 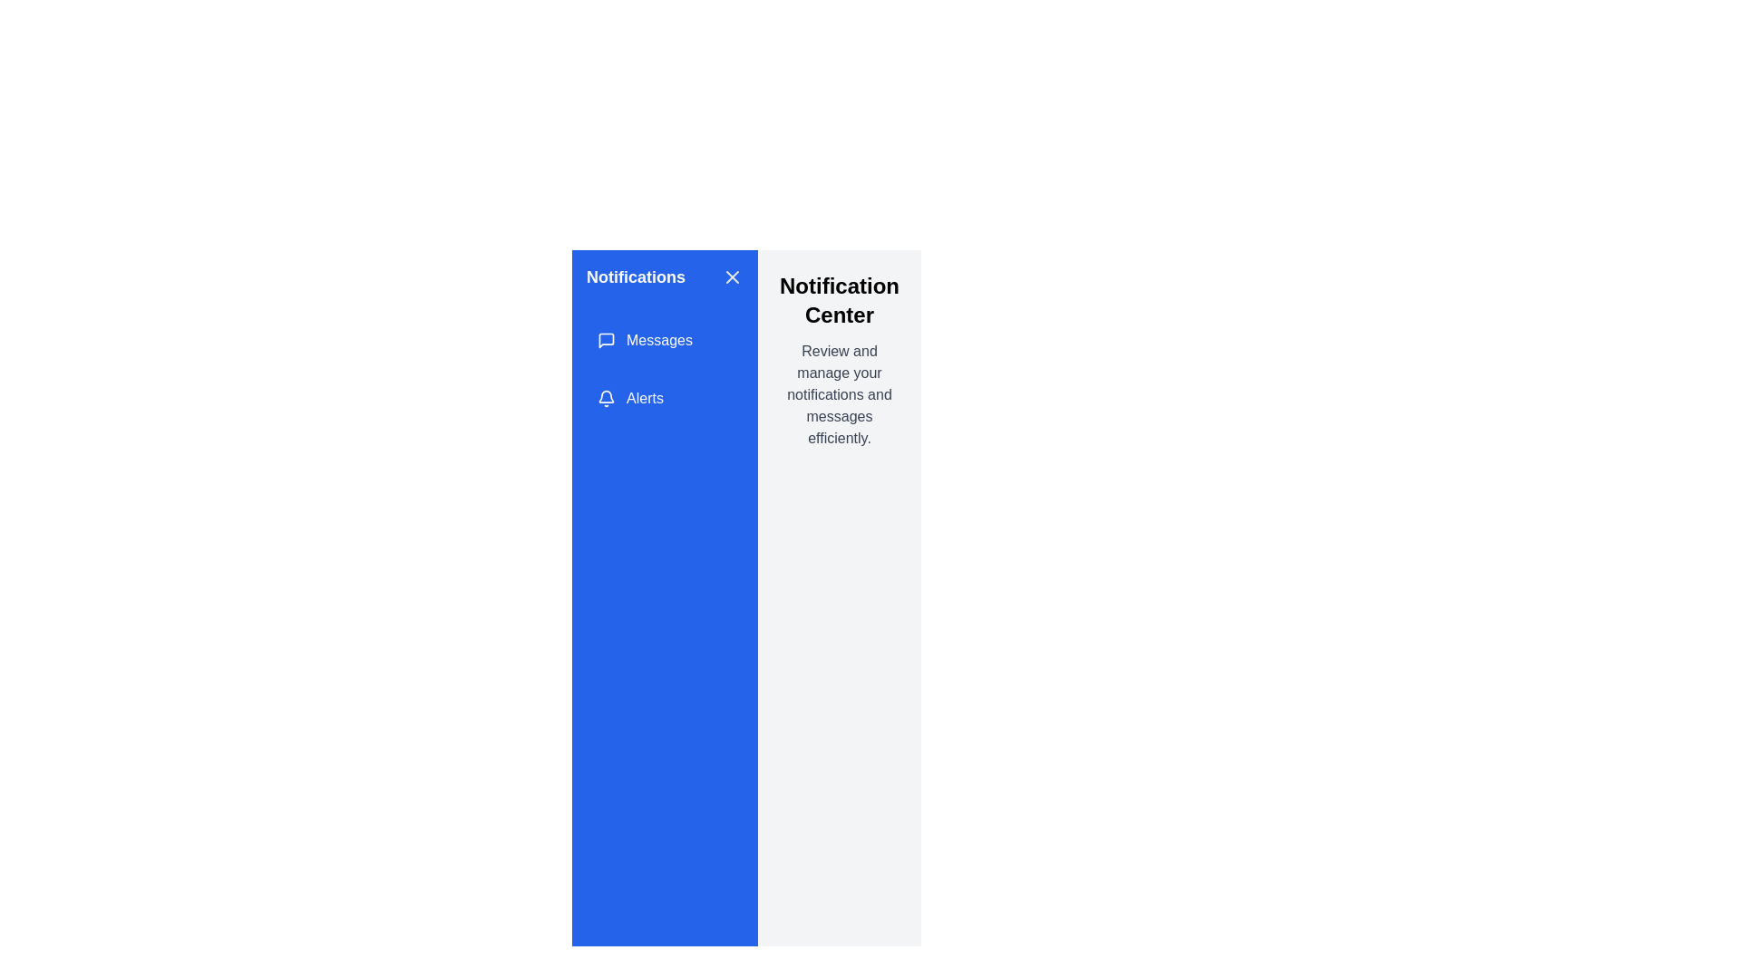 I want to click on the static text displaying 'Review and manage your notifications and messages efficiently.' located below the 'Notification Center' title in the right-aligned panel, so click(x=839, y=393).